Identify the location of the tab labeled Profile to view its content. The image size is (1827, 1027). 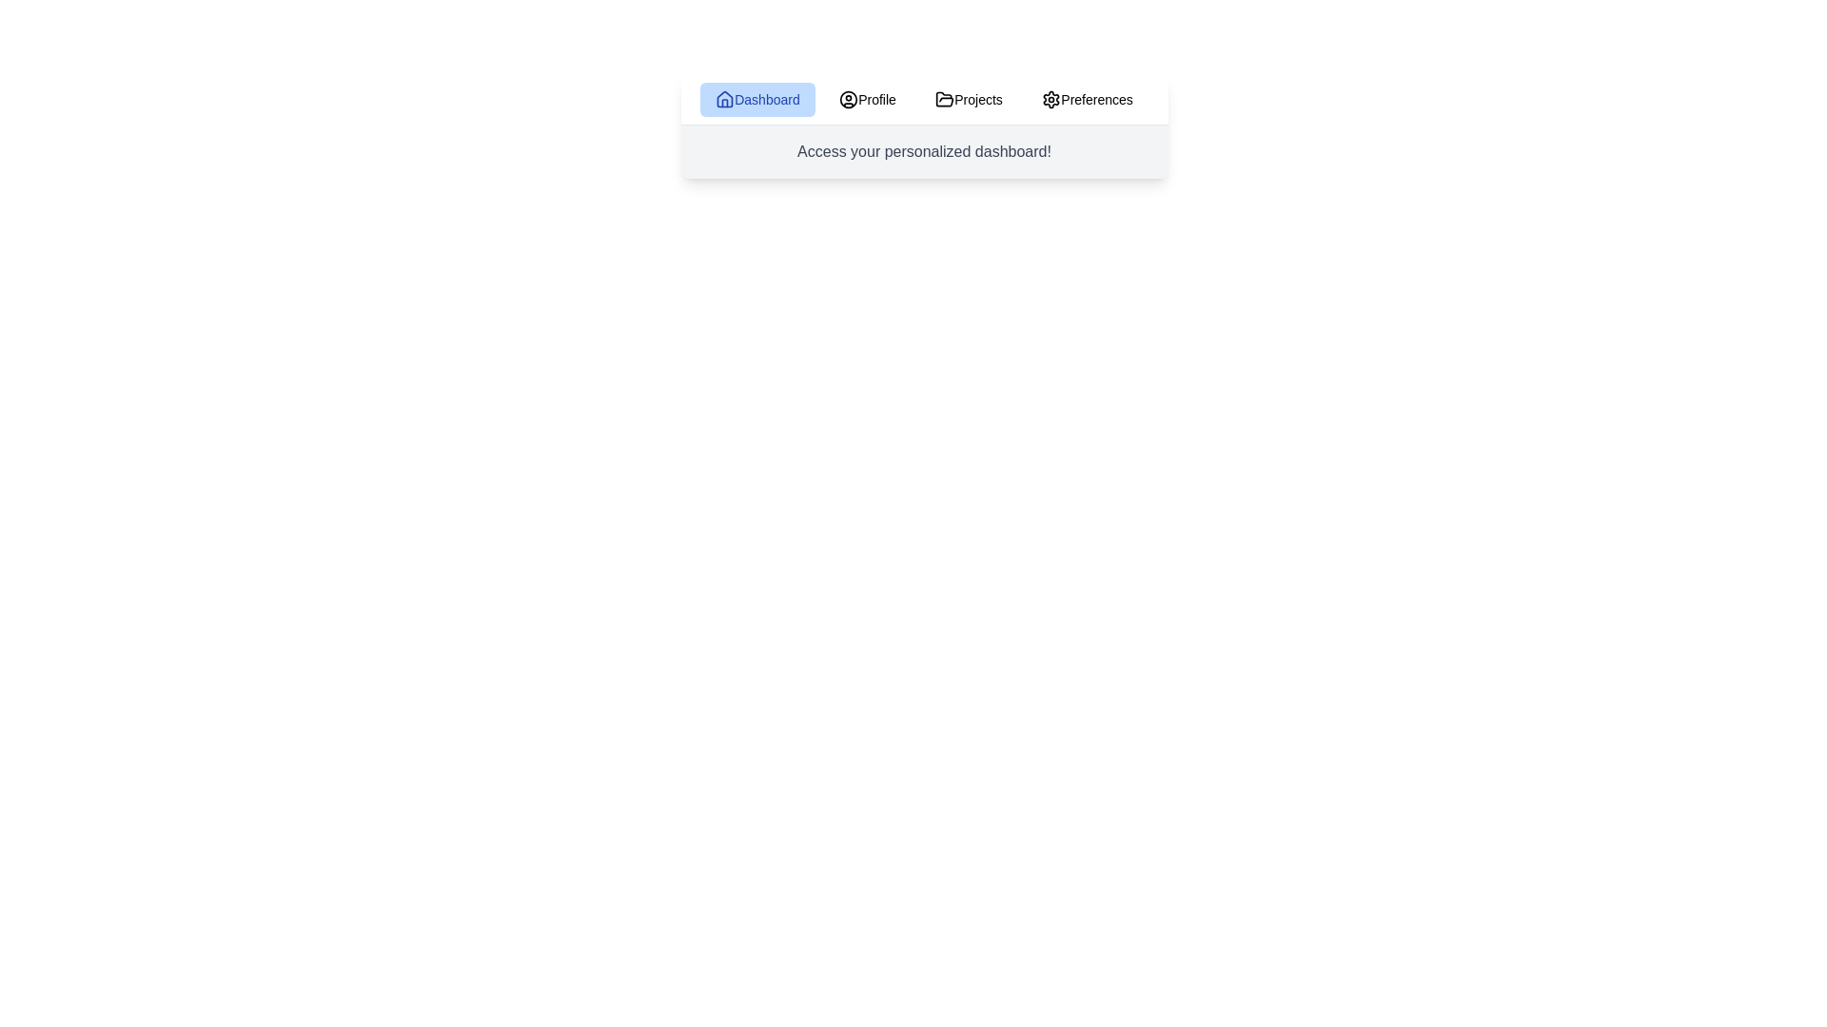
(867, 99).